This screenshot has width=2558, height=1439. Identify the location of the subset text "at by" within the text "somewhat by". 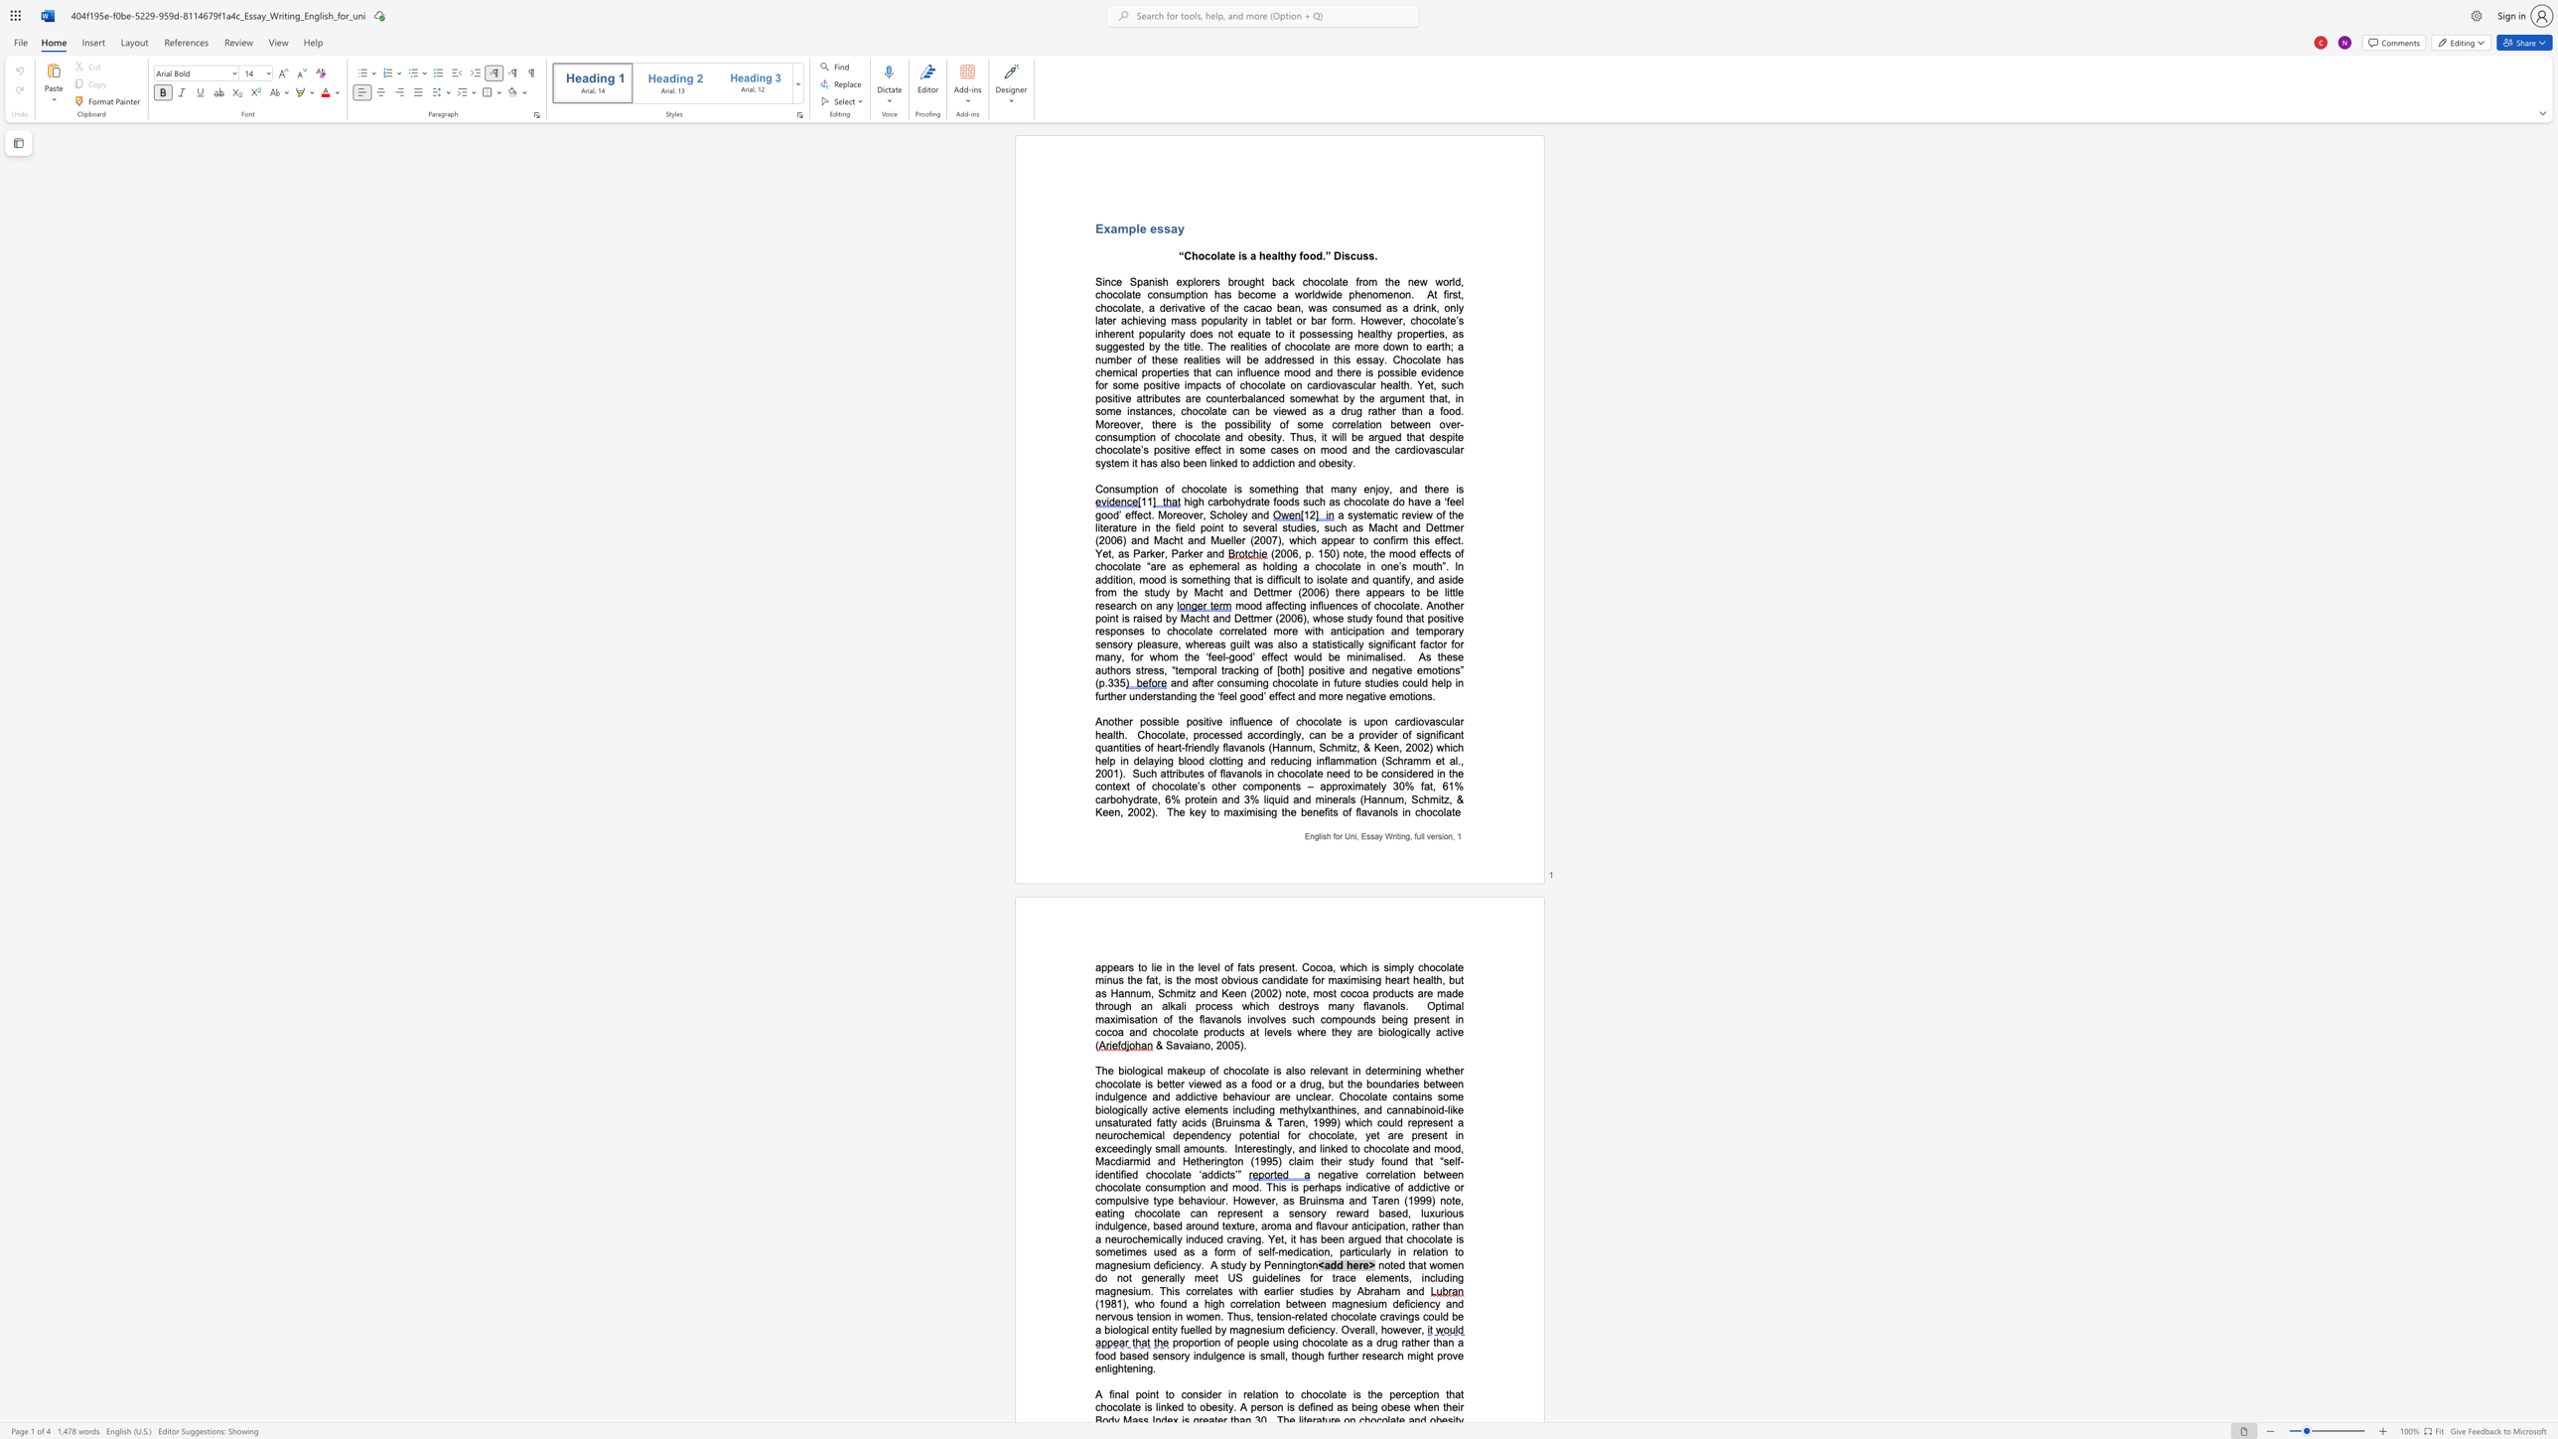
(1330, 397).